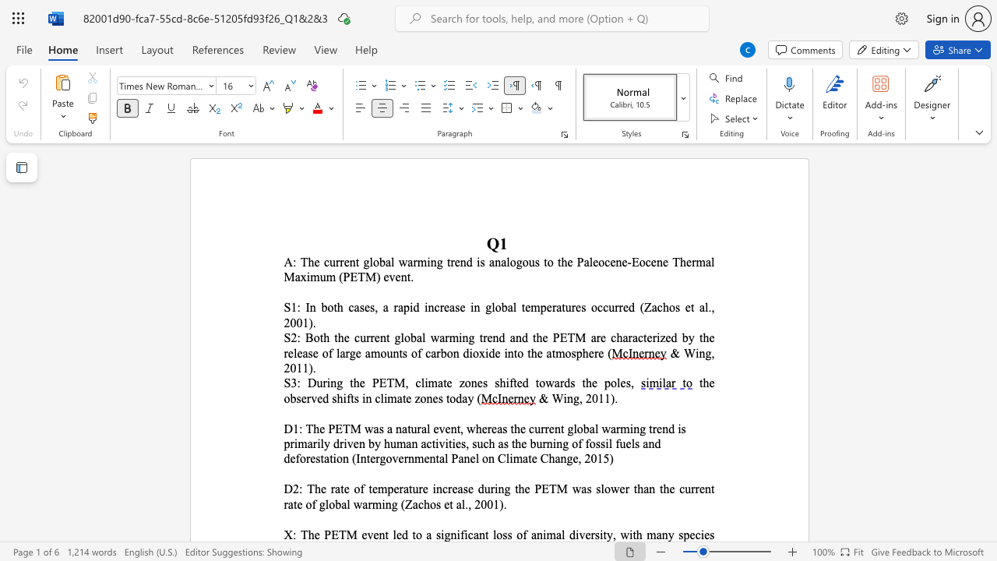 Image resolution: width=997 pixels, height=561 pixels. What do you see at coordinates (566, 337) in the screenshot?
I see `the space between the continuous character "E" and "T" in the text` at bounding box center [566, 337].